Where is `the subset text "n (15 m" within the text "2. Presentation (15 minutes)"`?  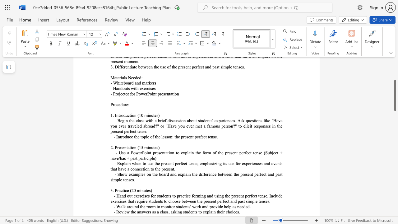 the subset text "n (15 m" within the text "2. Presentation (15 minutes)" is located at coordinates (134, 147).